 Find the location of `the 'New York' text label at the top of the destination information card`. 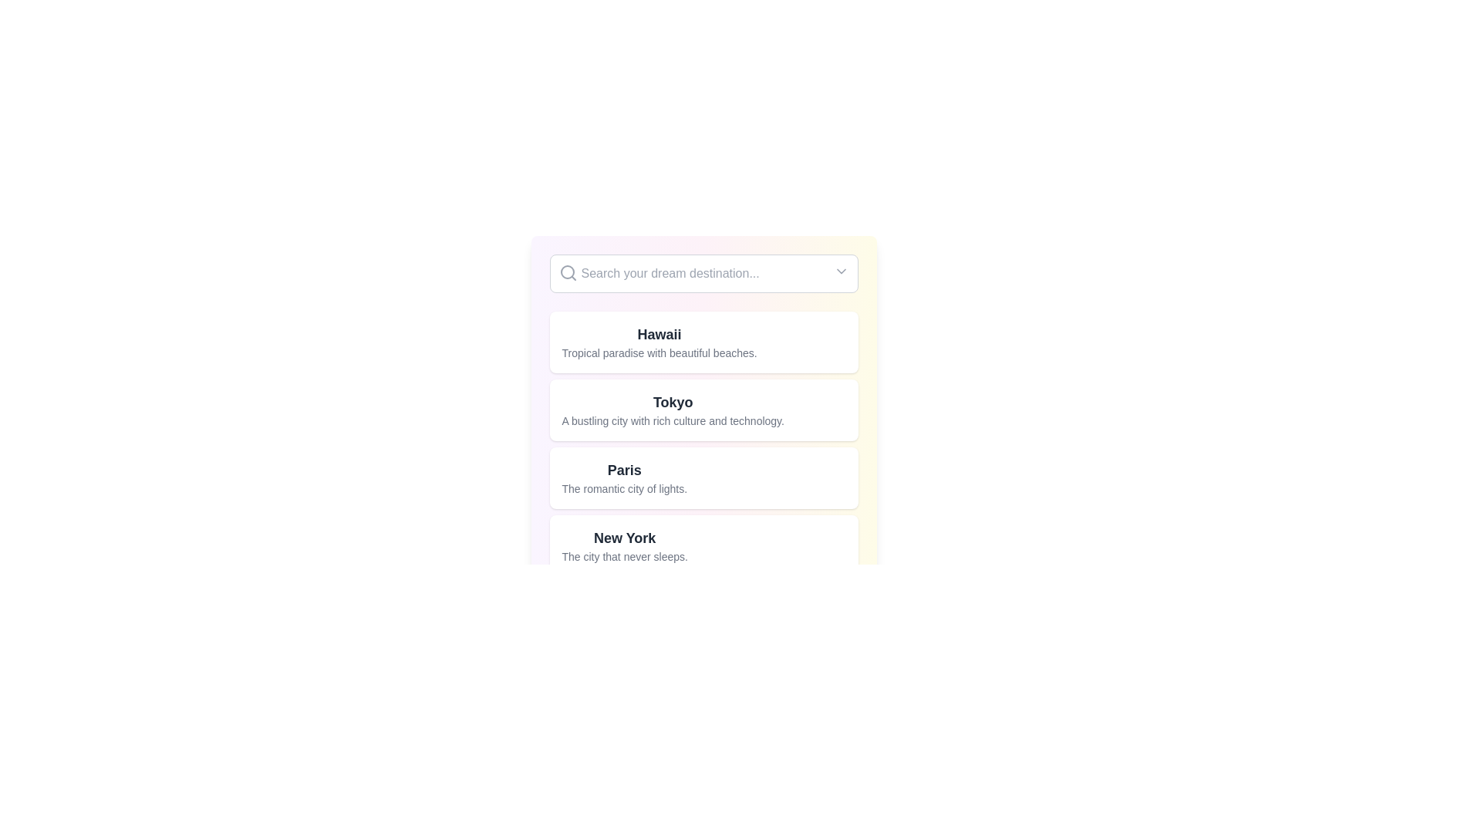

the 'New York' text label at the top of the destination information card is located at coordinates (625, 538).